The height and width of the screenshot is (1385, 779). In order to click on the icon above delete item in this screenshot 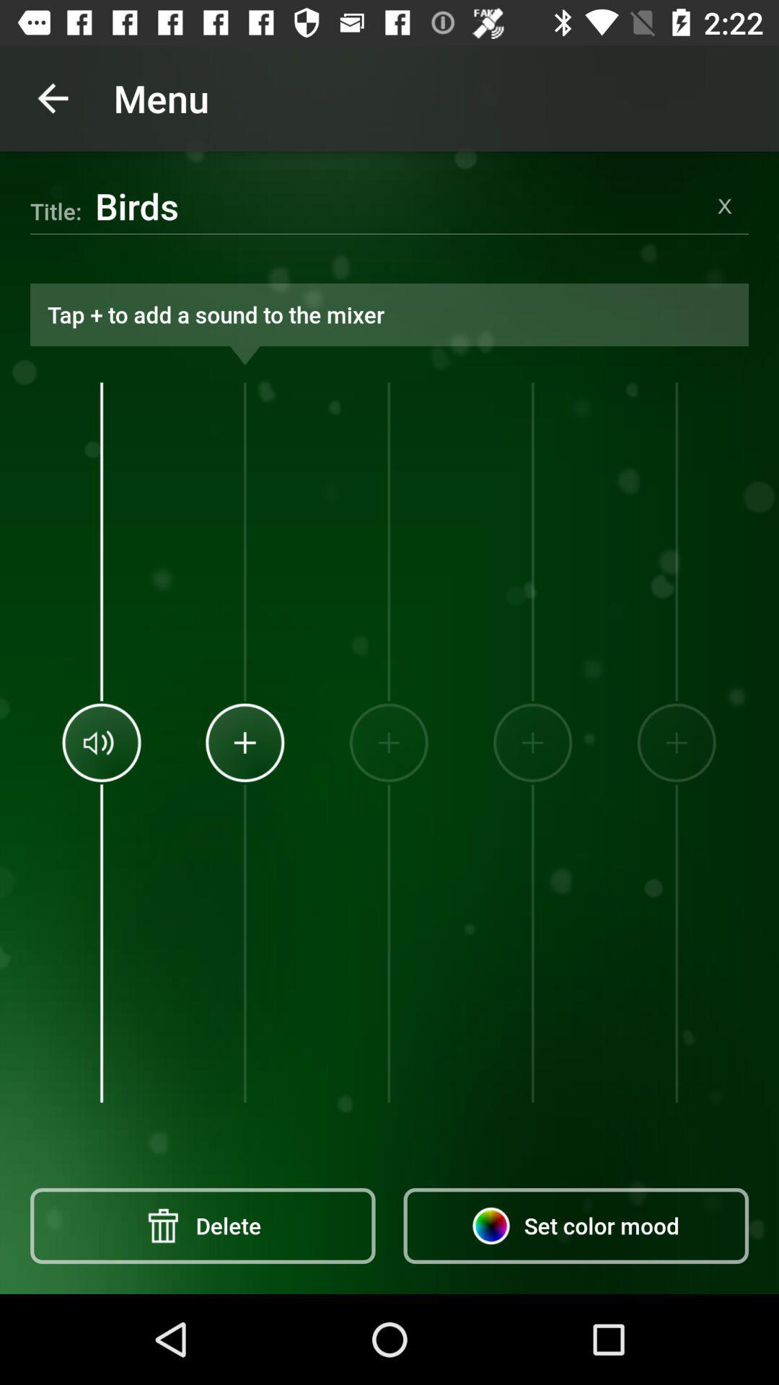, I will do `click(101, 742)`.